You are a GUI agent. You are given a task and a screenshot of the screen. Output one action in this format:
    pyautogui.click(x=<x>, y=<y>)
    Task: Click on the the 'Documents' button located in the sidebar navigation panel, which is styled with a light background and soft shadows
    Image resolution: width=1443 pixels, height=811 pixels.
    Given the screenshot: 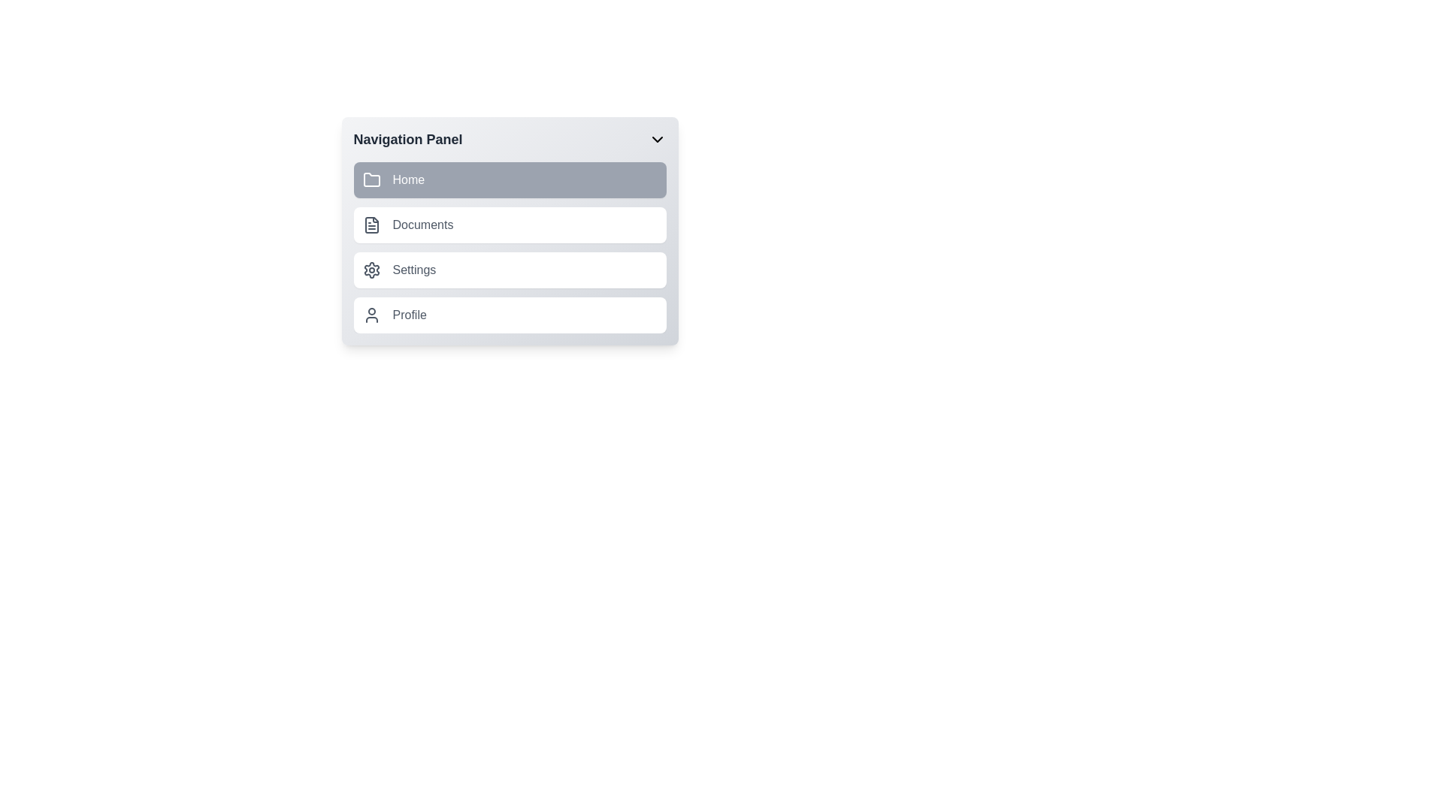 What is the action you would take?
    pyautogui.click(x=510, y=231)
    